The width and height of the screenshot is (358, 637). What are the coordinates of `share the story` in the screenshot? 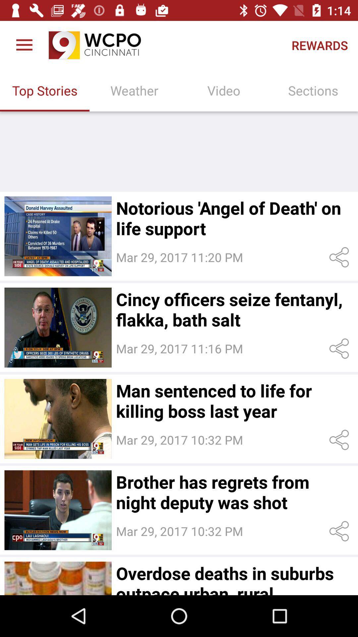 It's located at (340, 348).